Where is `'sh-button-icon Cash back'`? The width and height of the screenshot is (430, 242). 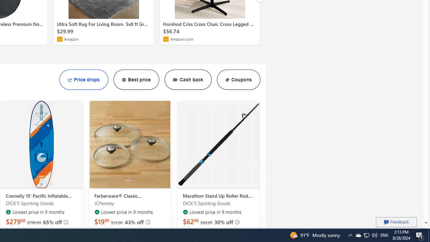
'sh-button-icon Cash back' is located at coordinates (188, 79).